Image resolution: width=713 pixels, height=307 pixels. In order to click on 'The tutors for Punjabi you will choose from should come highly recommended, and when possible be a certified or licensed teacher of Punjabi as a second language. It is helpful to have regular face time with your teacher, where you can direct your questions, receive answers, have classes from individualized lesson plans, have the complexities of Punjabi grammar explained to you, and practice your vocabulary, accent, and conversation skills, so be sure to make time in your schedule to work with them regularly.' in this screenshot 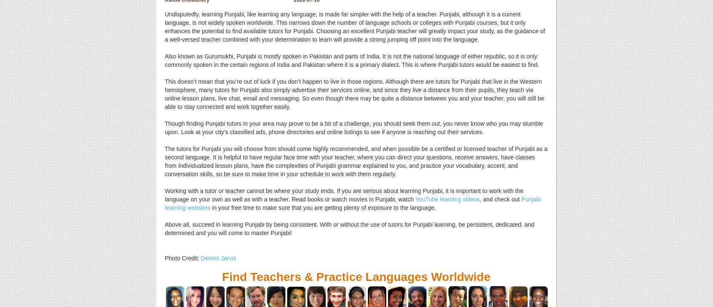, I will do `click(356, 161)`.